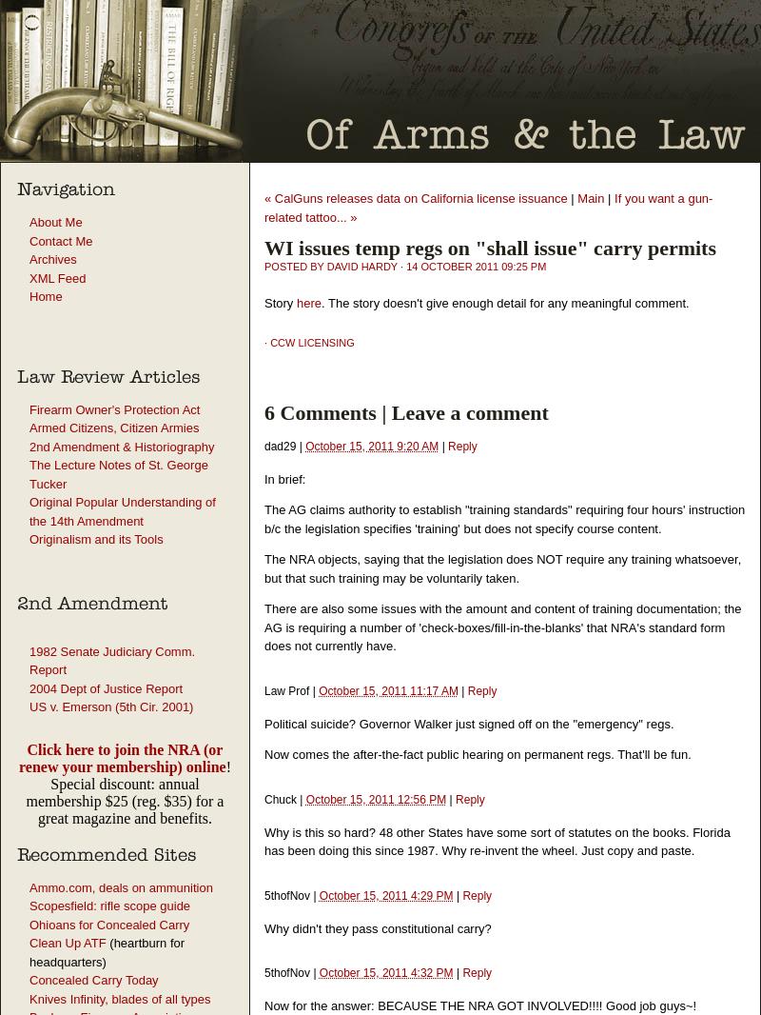 Image resolution: width=761 pixels, height=1015 pixels. I want to click on 'WI issues temp regs on "shall issue" carry permits', so click(264, 247).